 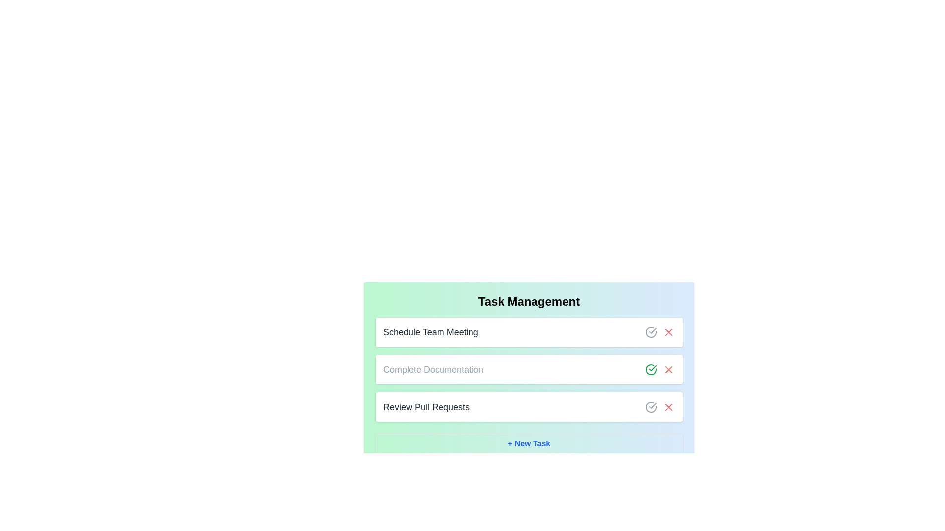 I want to click on the task titled 'Complete Documentation', so click(x=433, y=370).